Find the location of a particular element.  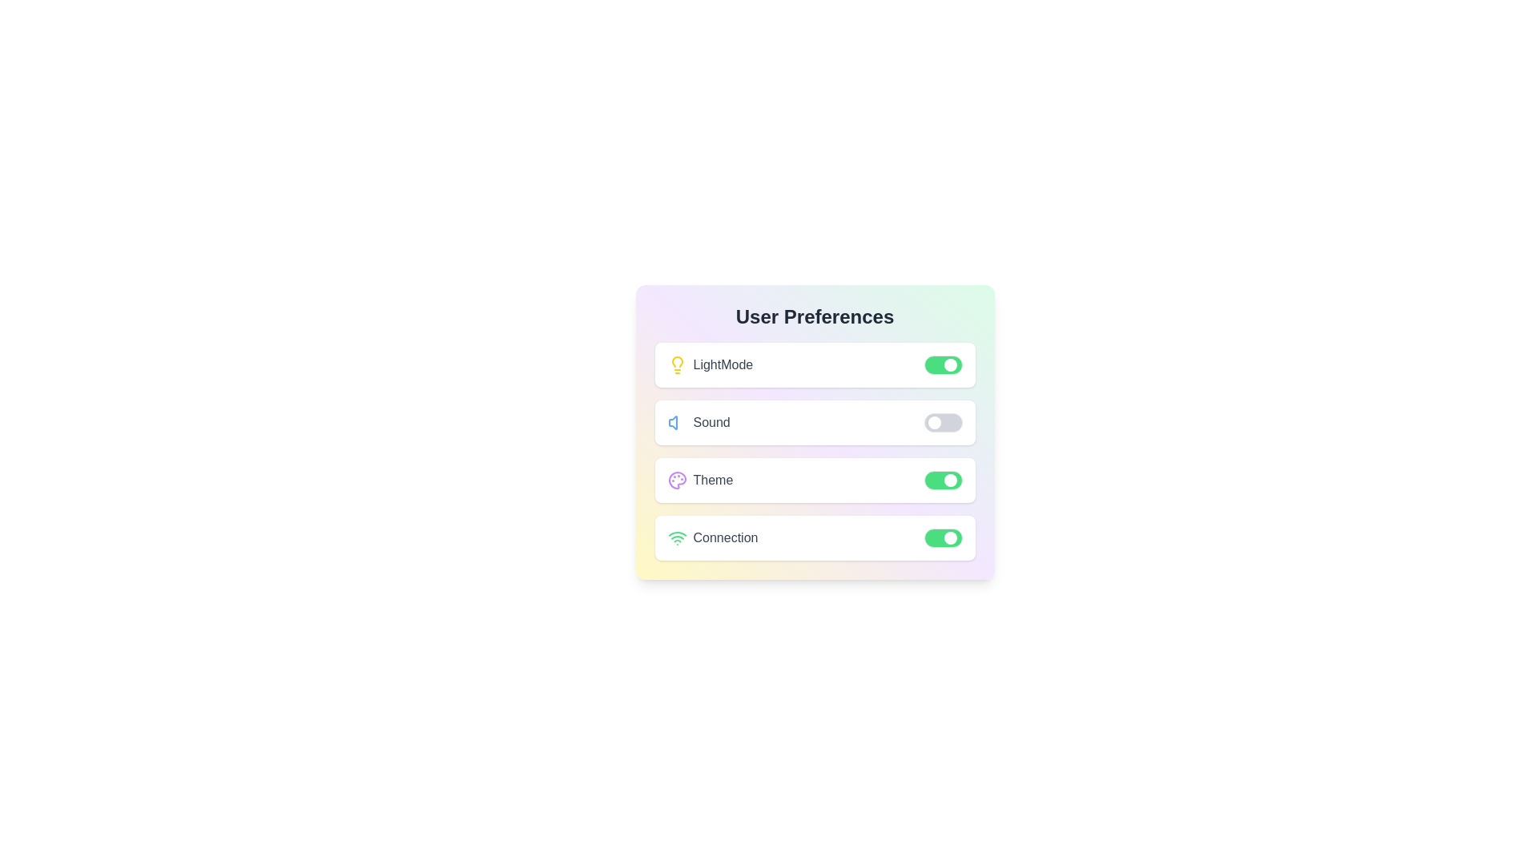

the 'Theme' toggle option located between 'Sound' and 'Connection' in the 'User Preferences' section is located at coordinates (815, 480).